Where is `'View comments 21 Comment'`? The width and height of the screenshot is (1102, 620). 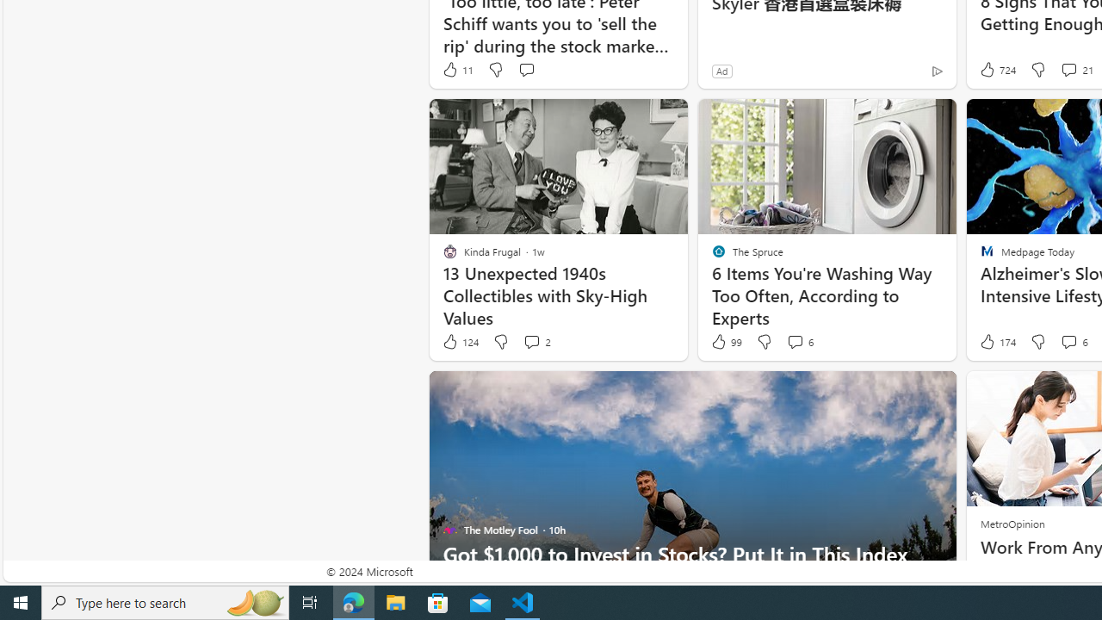 'View comments 21 Comment' is located at coordinates (1074, 69).